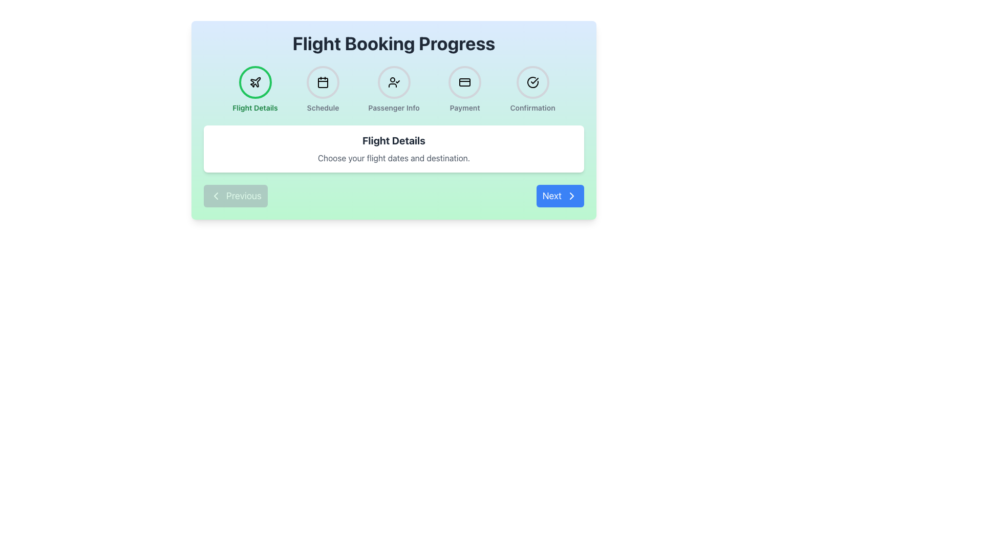 This screenshot has height=553, width=983. I want to click on the 'Confirmation' stage Process Indicator, which is the fifth and final element in a horizontal series of steps in the process bar, so click(532, 89).